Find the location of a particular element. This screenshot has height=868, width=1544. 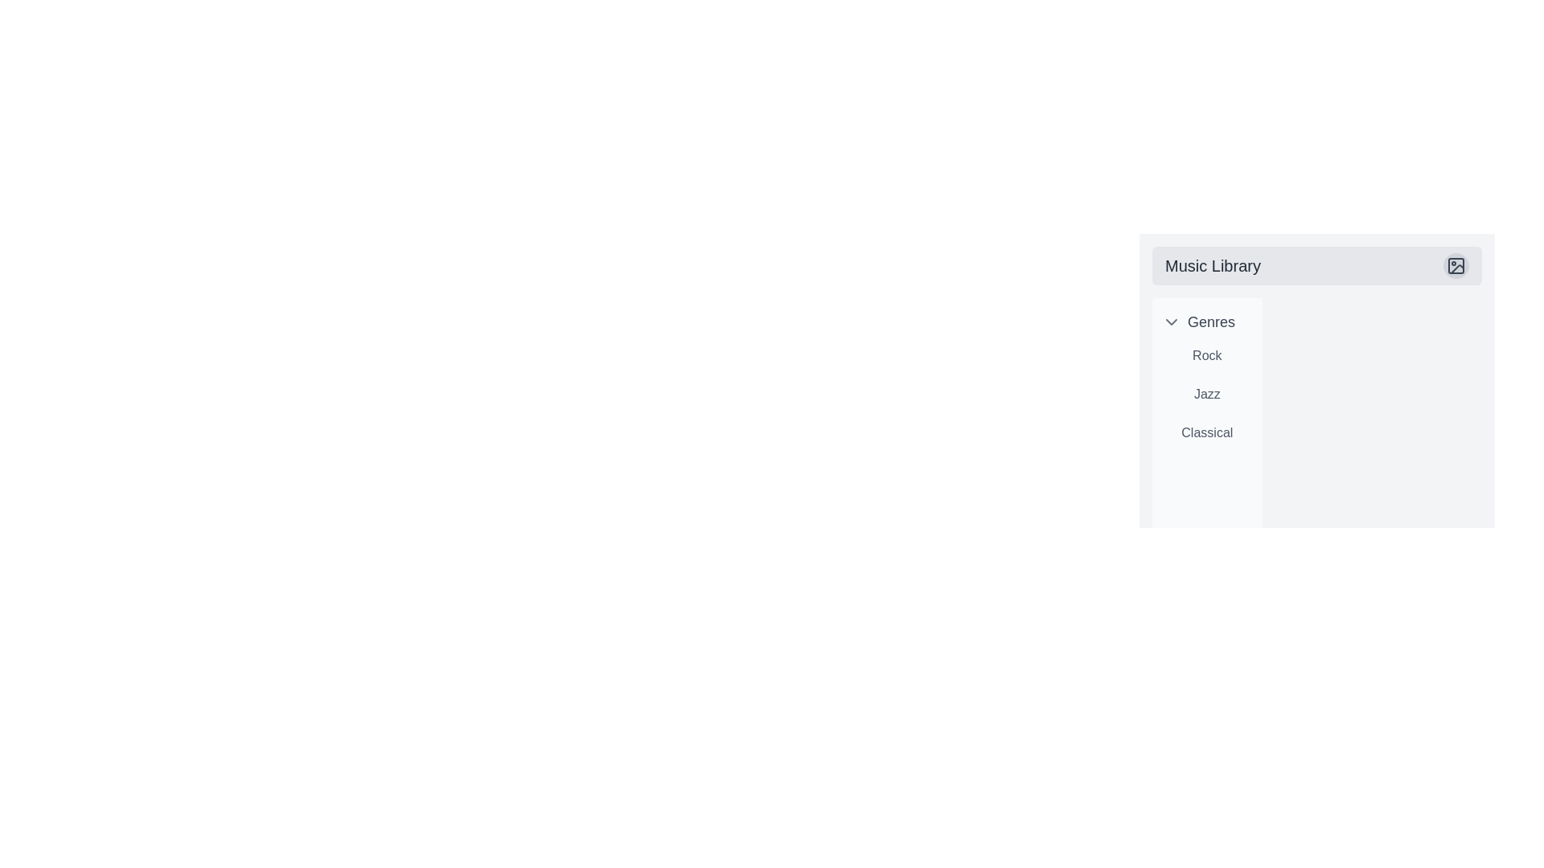

the 'Rock' genre text label in the 'Music Library' is located at coordinates (1207, 355).